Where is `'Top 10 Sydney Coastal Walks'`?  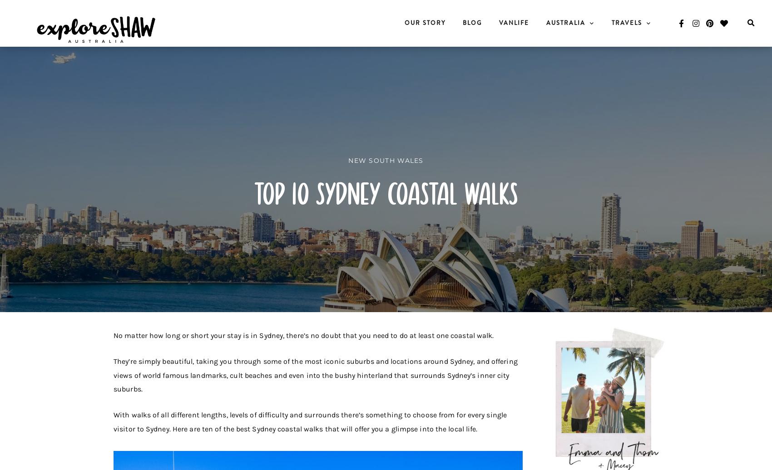
'Top 10 Sydney Coastal Walks' is located at coordinates (252, 191).